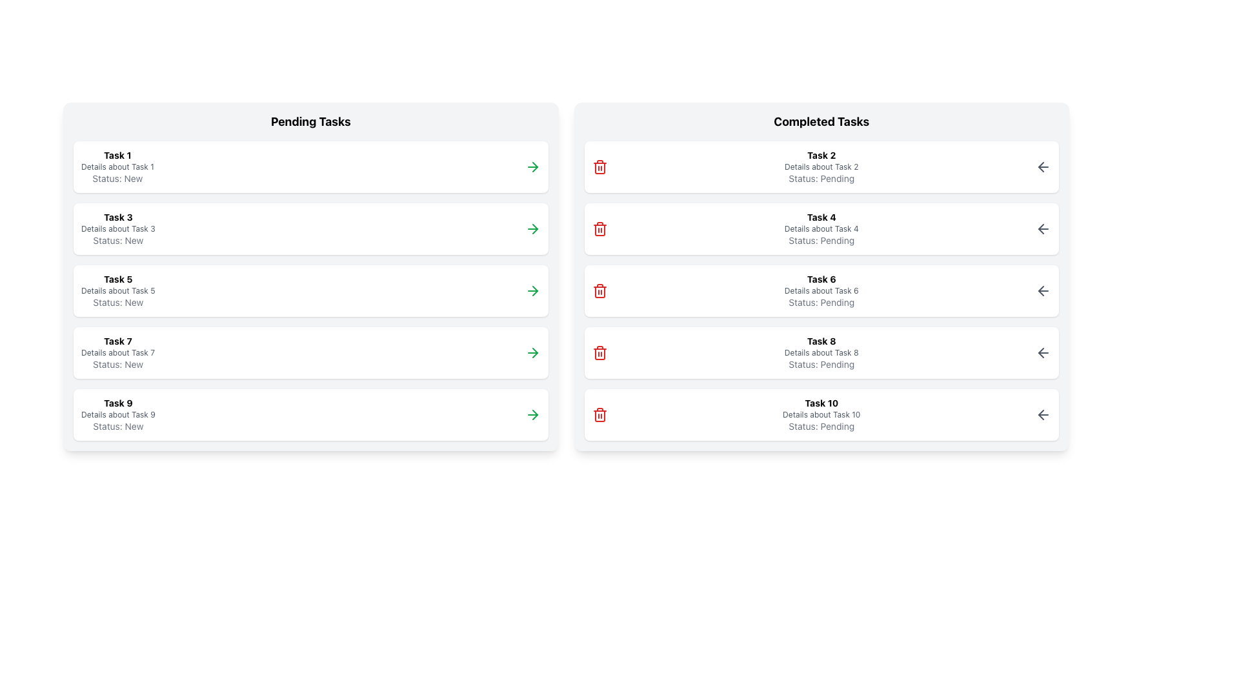  Describe the element at coordinates (821, 154) in the screenshot. I see `text displayed in the Text Label that serves as a header for the task entry, located at the top of the 'Completed Tasks' list` at that location.